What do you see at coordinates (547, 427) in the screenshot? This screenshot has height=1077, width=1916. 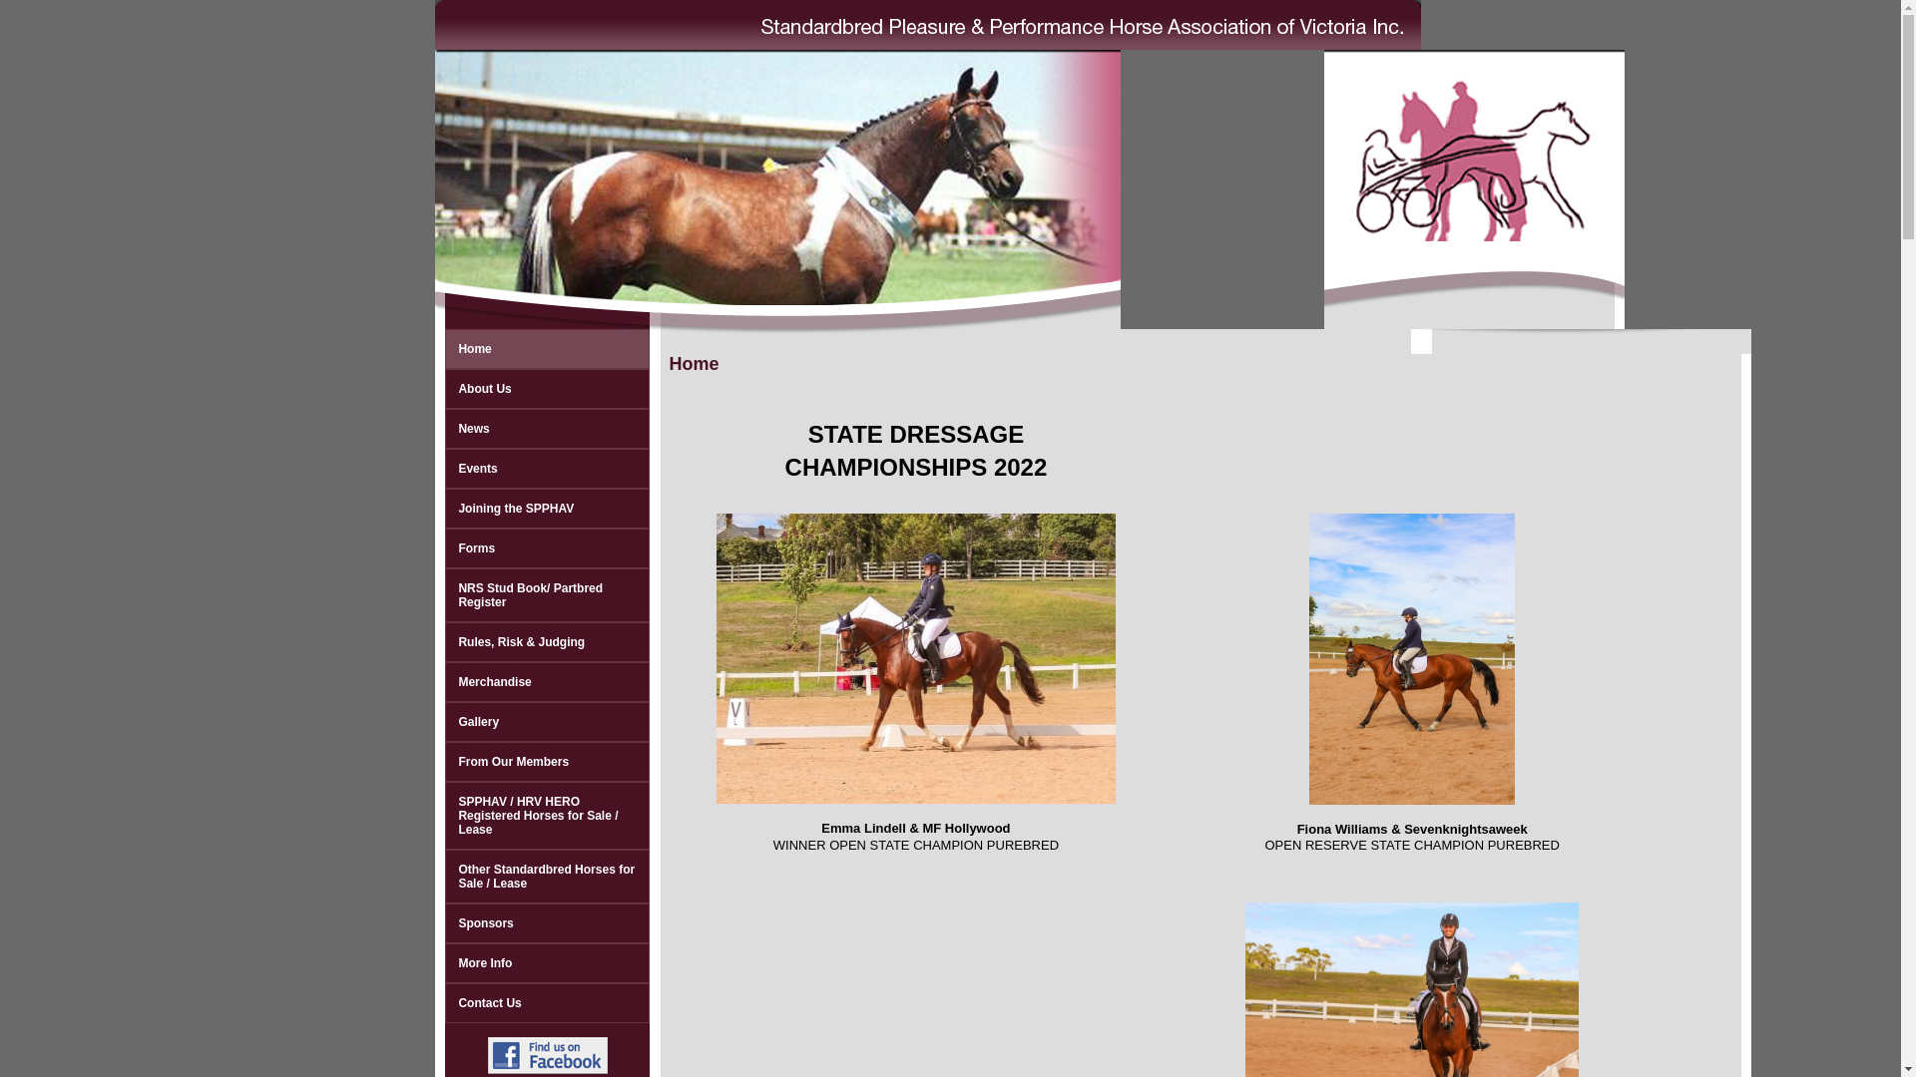 I see `'News'` at bounding box center [547, 427].